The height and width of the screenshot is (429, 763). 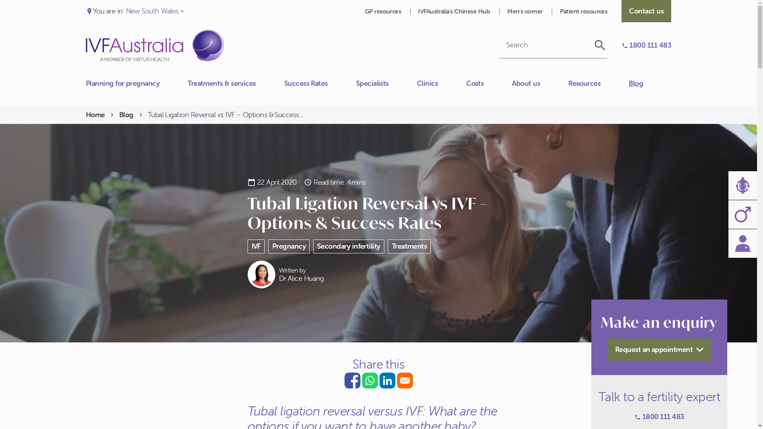 What do you see at coordinates (404, 380) in the screenshot?
I see `'Opens in a new tab'` at bounding box center [404, 380].